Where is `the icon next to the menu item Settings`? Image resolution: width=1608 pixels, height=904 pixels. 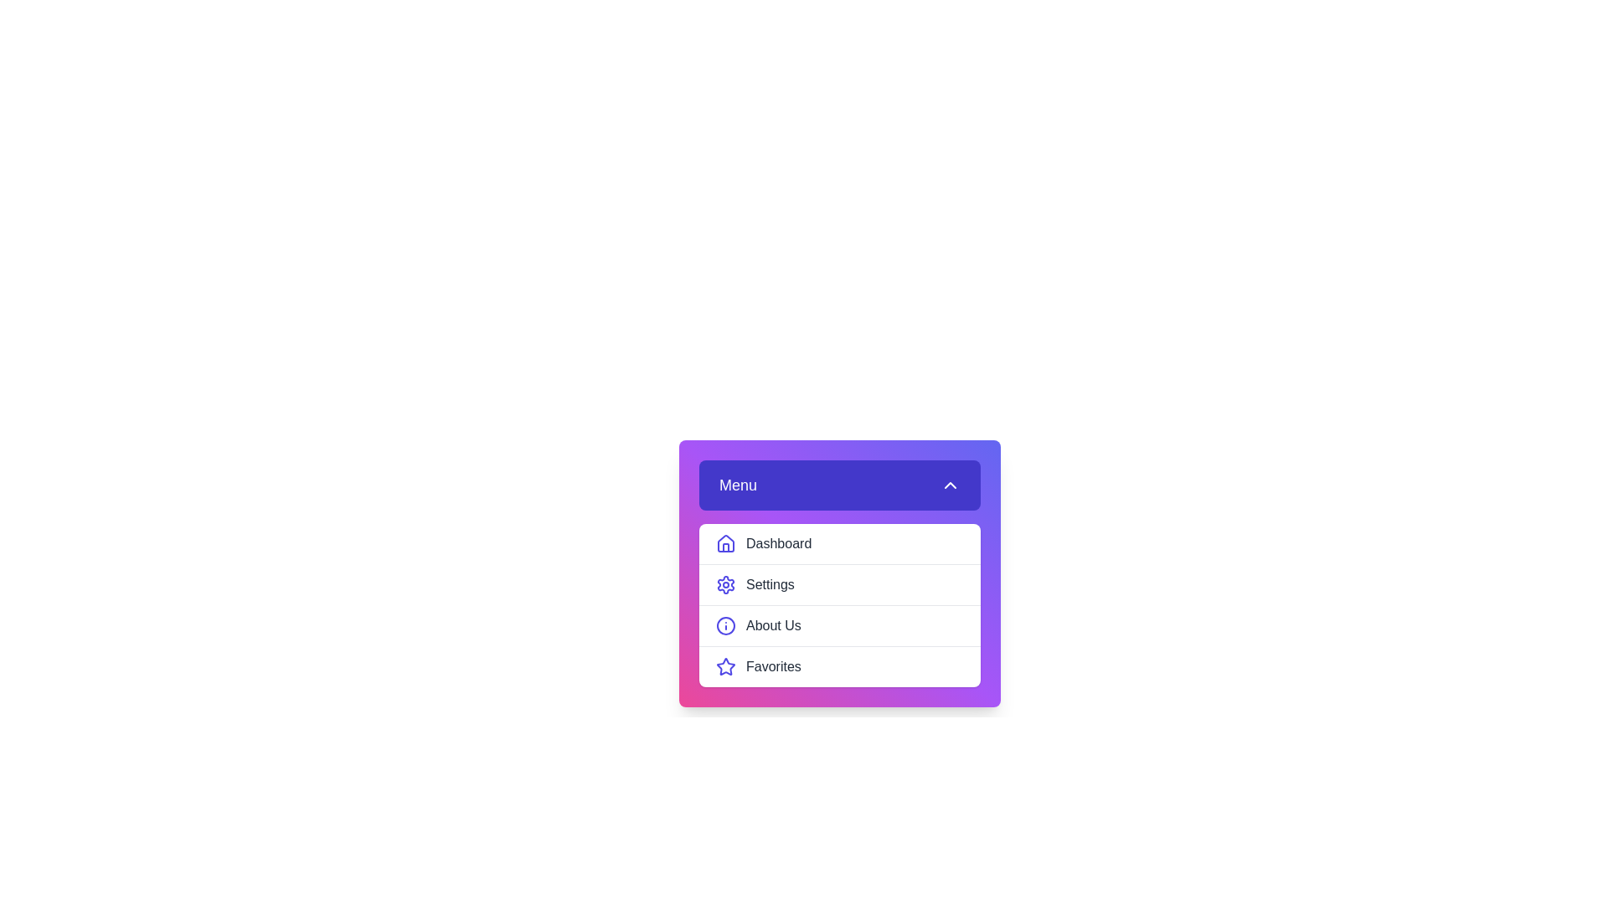
the icon next to the menu item Settings is located at coordinates (726, 583).